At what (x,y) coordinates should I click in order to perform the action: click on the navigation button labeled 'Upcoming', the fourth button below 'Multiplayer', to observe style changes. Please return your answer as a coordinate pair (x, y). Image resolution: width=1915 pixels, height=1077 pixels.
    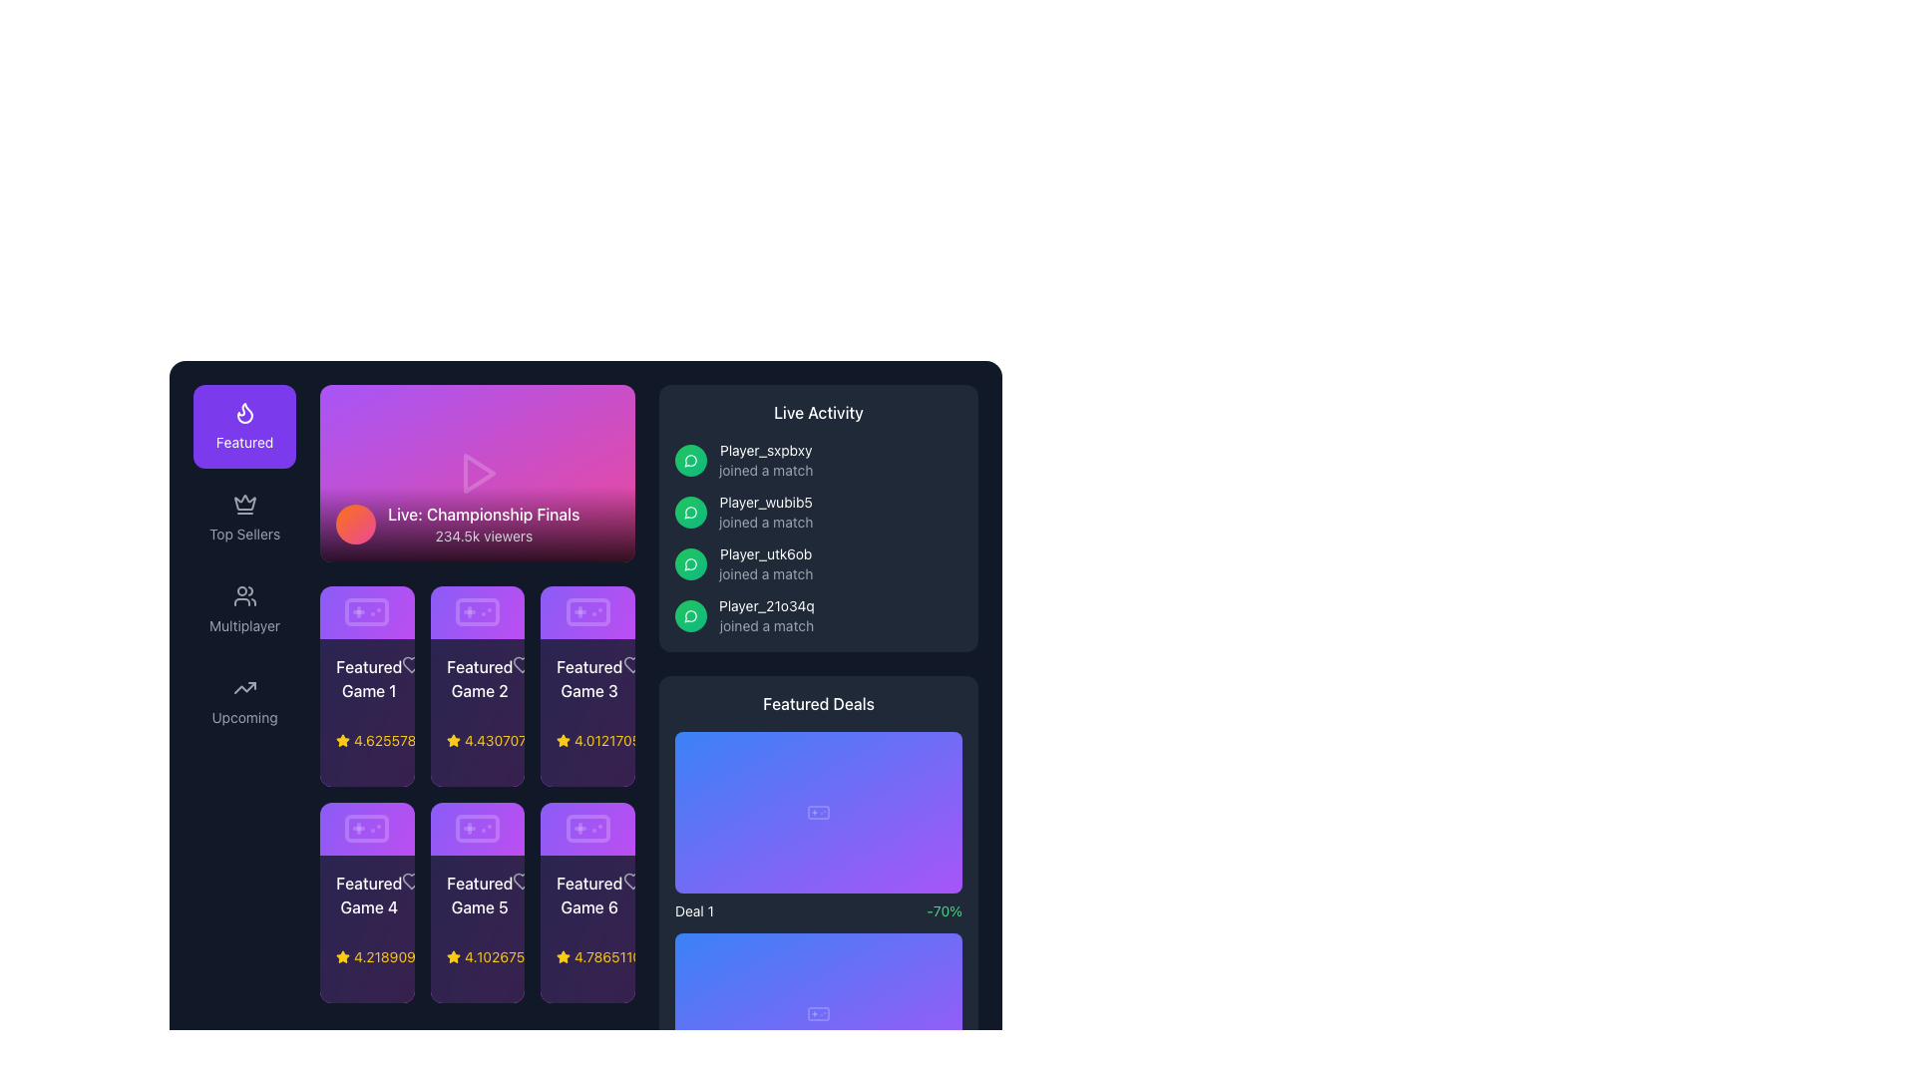
    Looking at the image, I should click on (243, 701).